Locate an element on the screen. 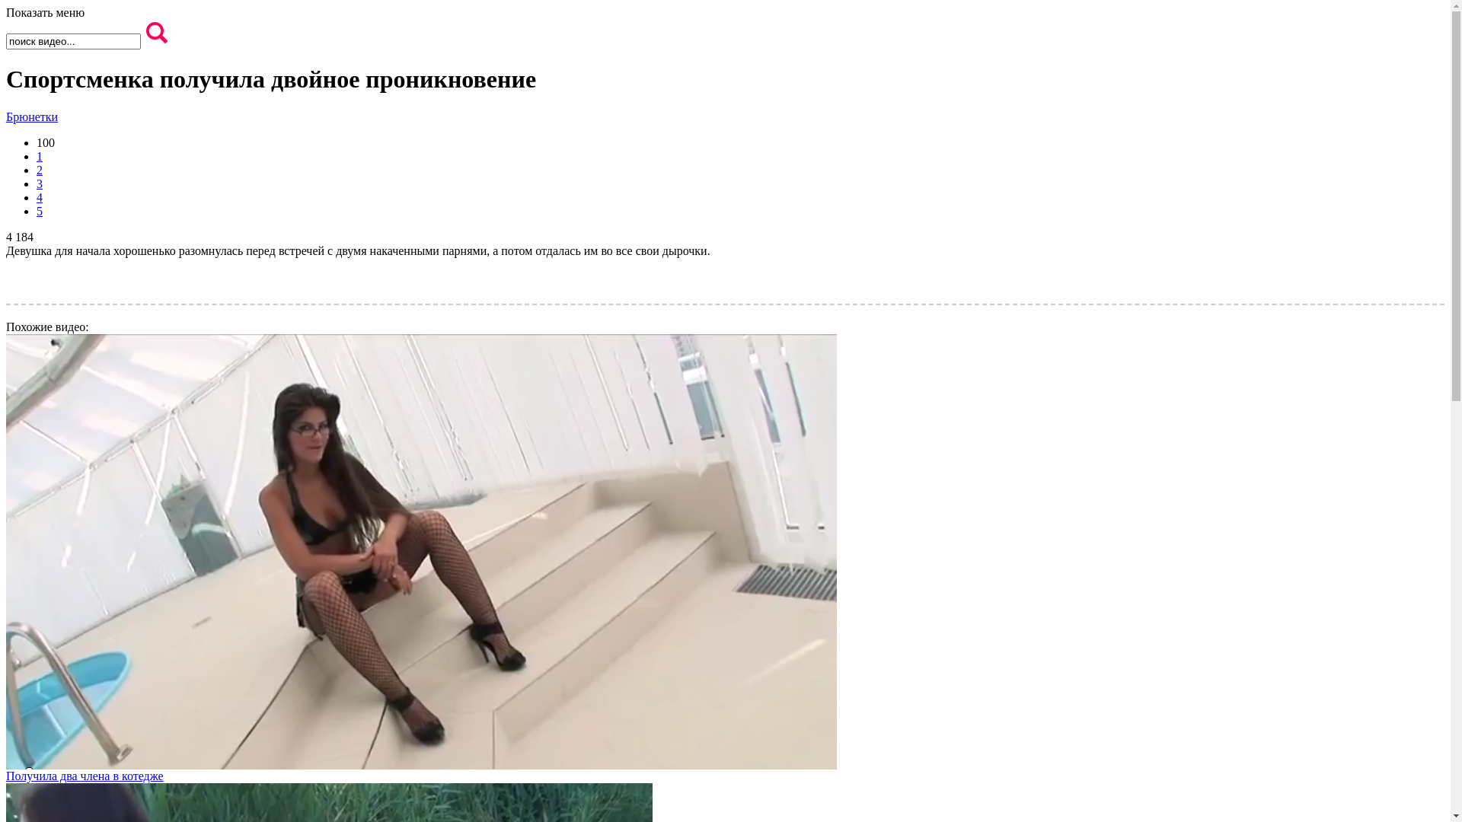 Image resolution: width=1462 pixels, height=822 pixels. '1' is located at coordinates (40, 156).